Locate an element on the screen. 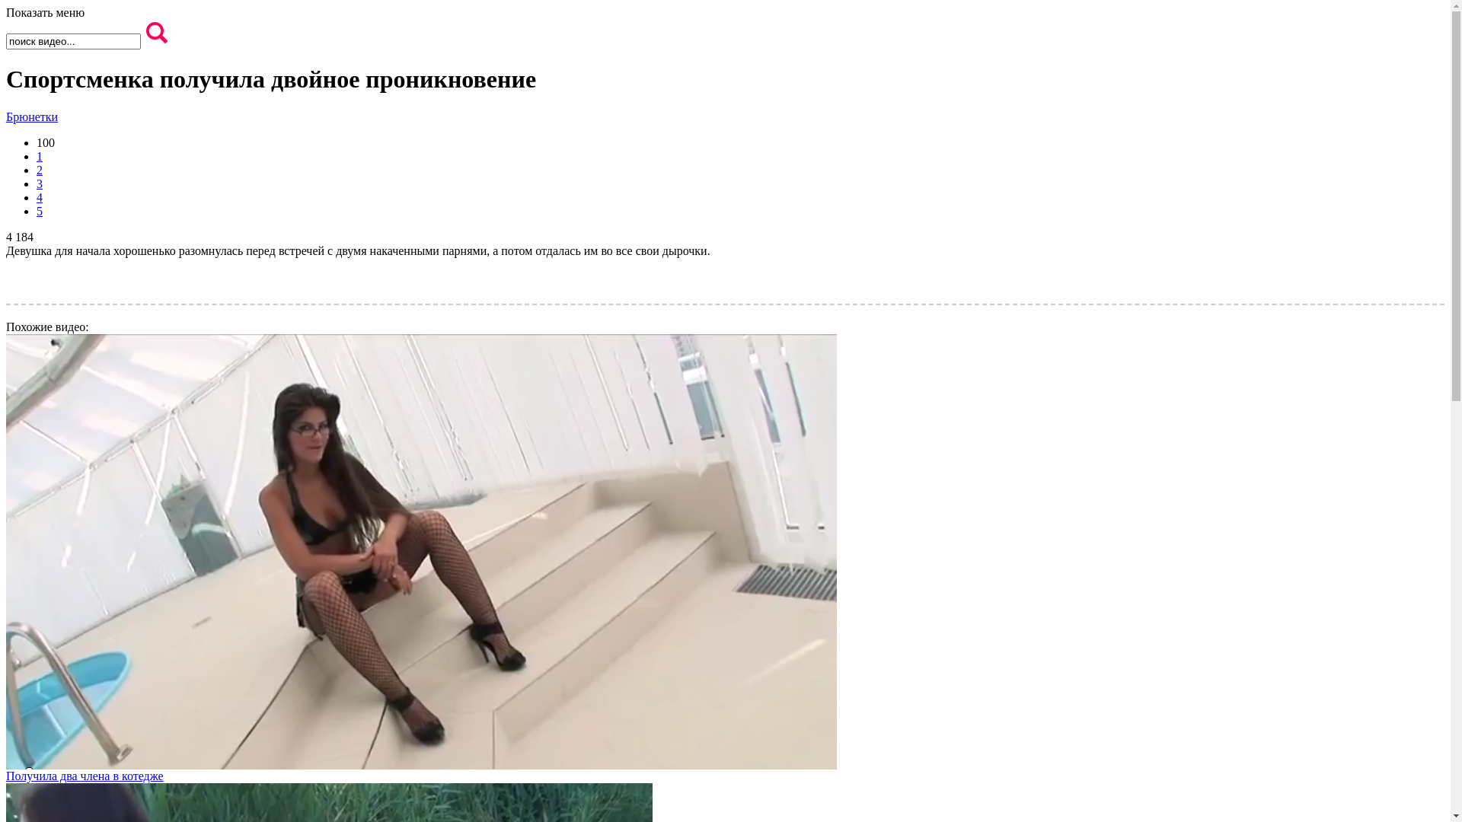 Image resolution: width=1462 pixels, height=822 pixels. '1' is located at coordinates (40, 156).